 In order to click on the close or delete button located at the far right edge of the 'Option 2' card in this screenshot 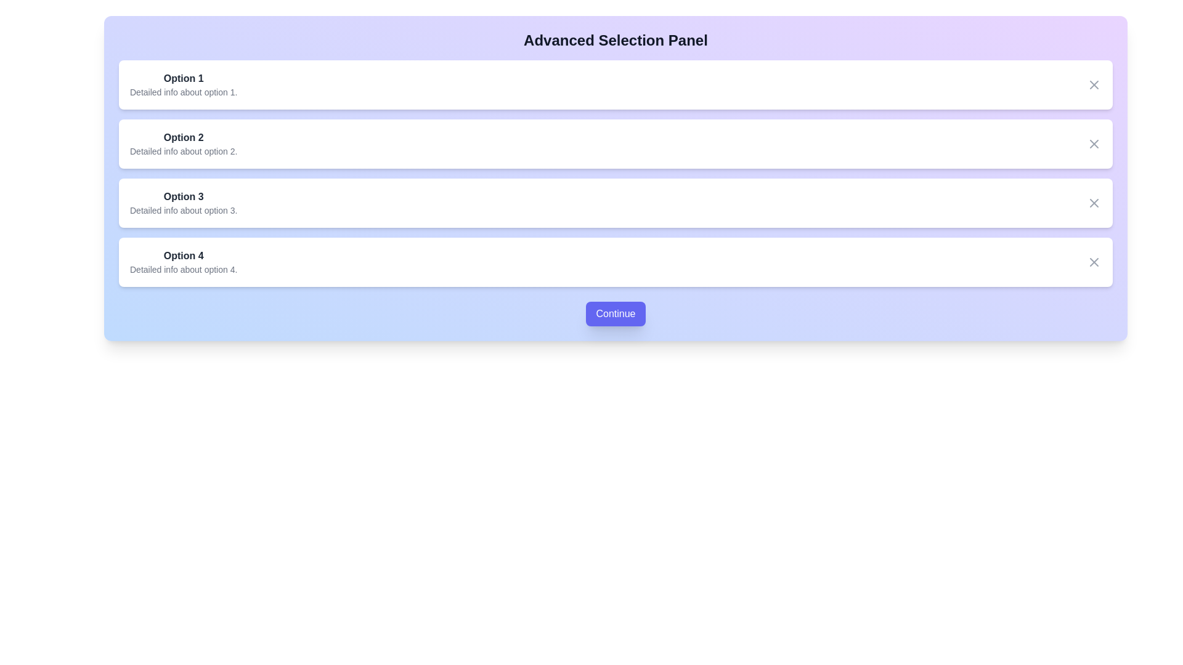, I will do `click(1094, 143)`.